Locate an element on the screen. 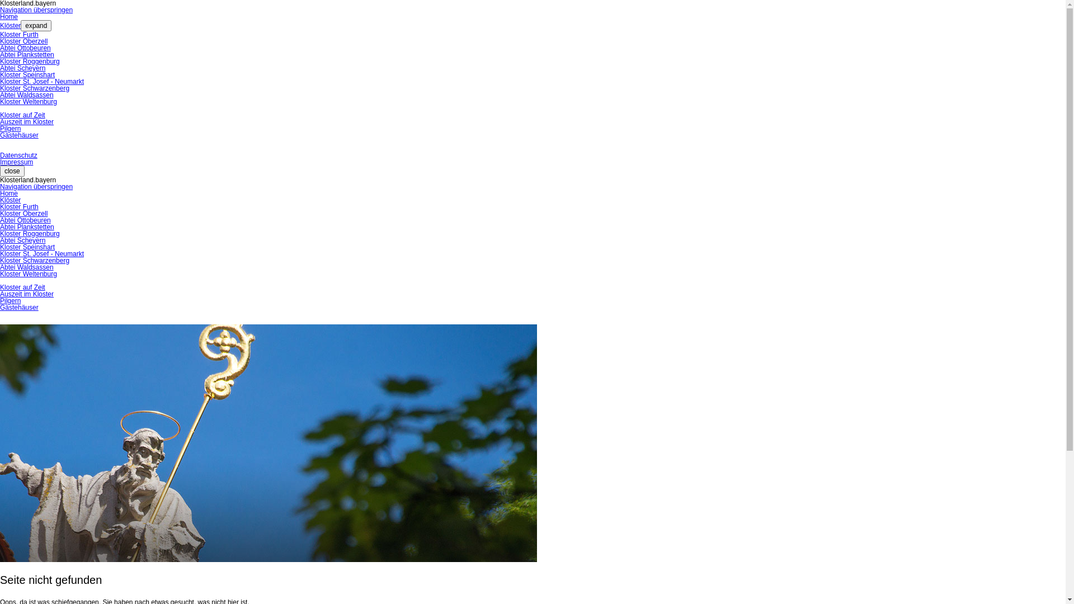 This screenshot has width=1074, height=604. 'Kloster Oberzell' is located at coordinates (23, 40).